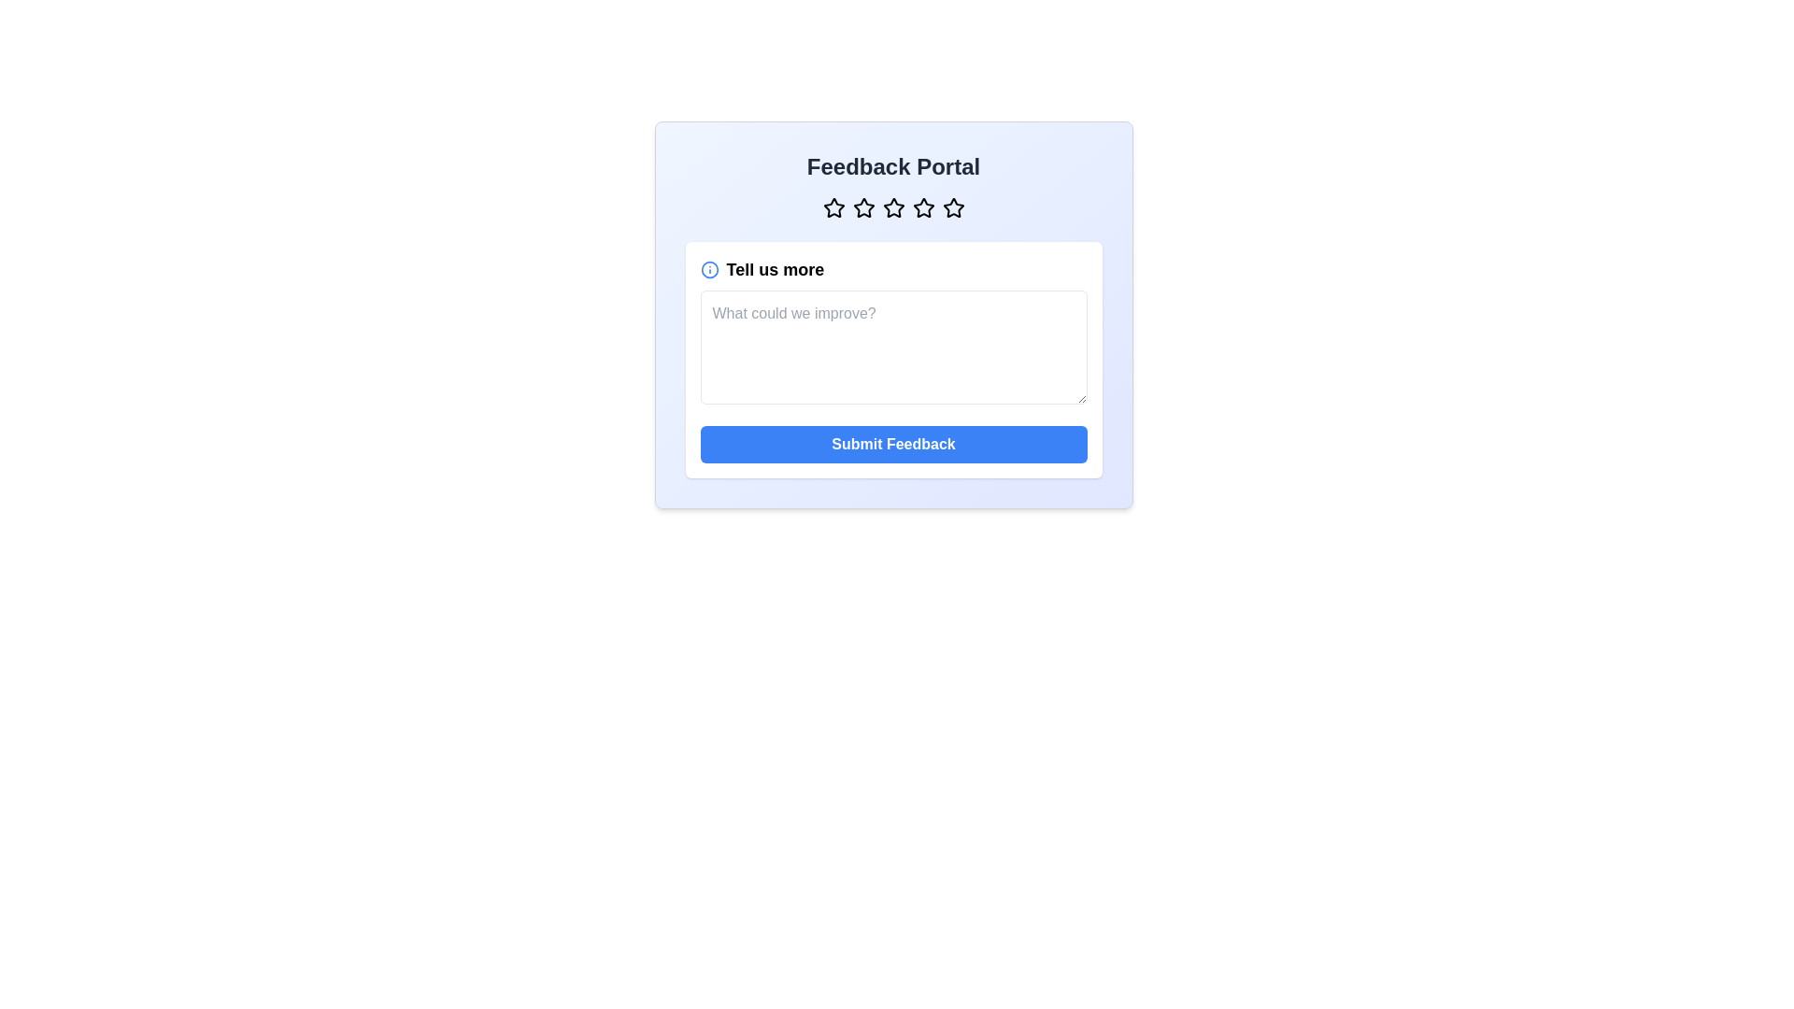 The height and width of the screenshot is (1009, 1794). Describe the element at coordinates (953, 207) in the screenshot. I see `the fifth star-shaped icon with a hollow center, outlined in black, to confirm selection` at that location.